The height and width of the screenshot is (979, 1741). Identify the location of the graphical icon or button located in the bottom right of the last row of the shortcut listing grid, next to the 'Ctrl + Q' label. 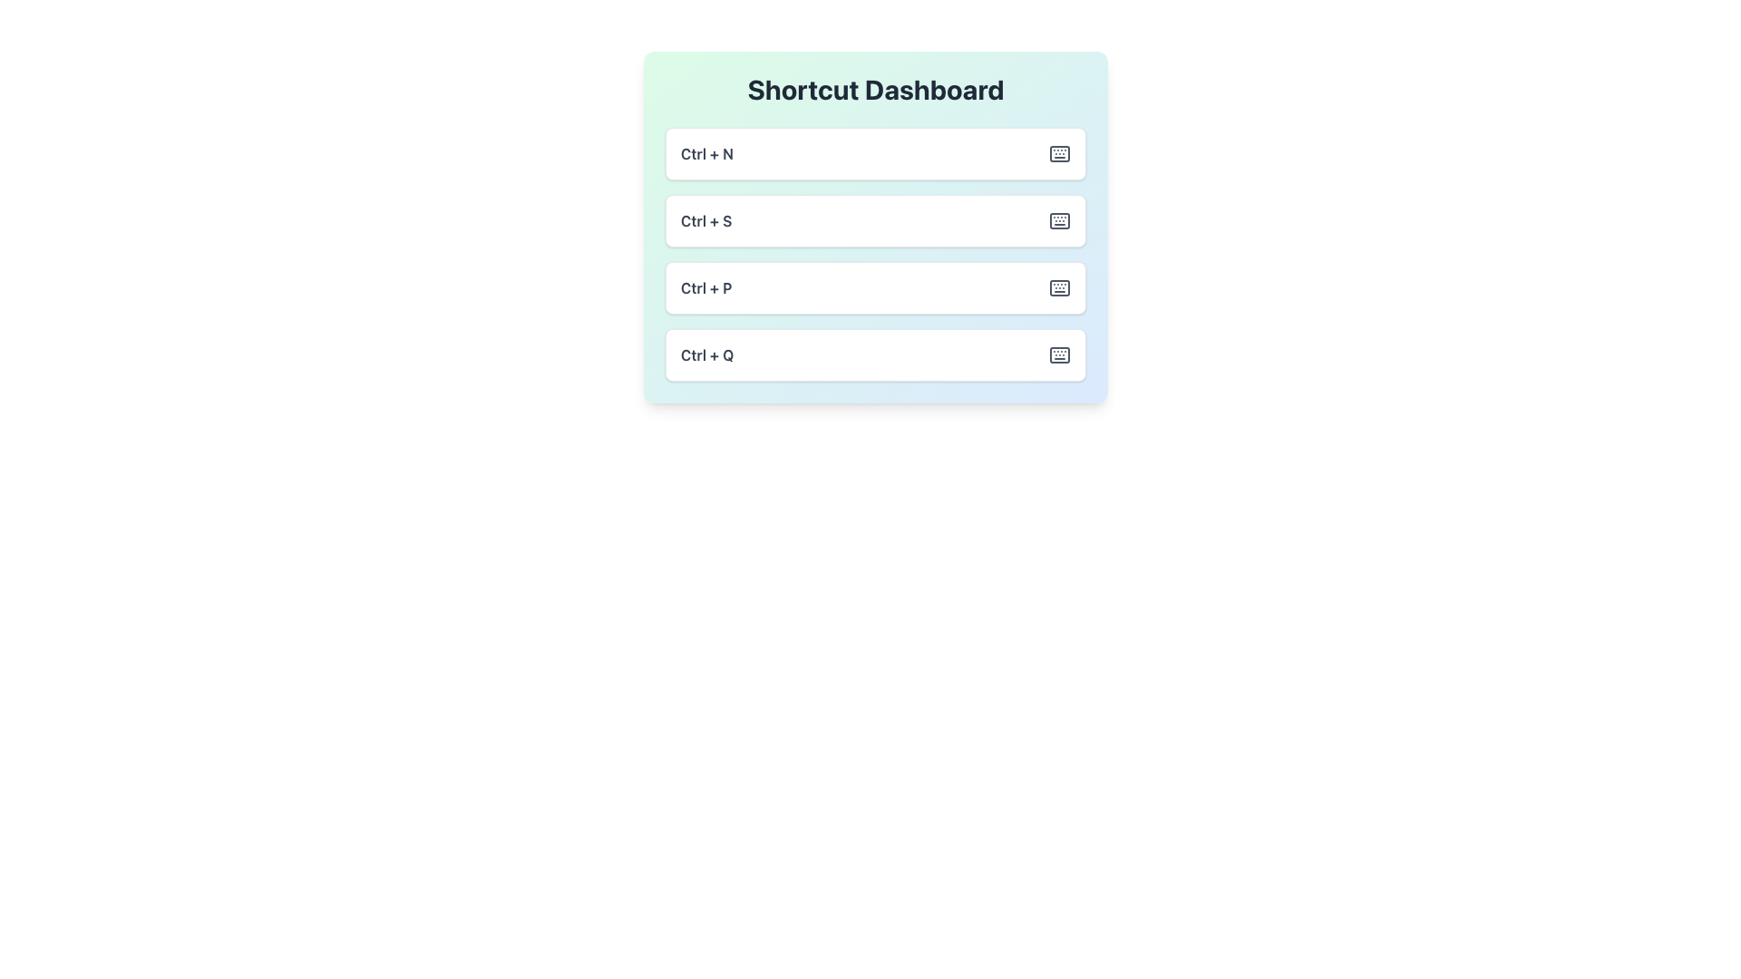
(1060, 355).